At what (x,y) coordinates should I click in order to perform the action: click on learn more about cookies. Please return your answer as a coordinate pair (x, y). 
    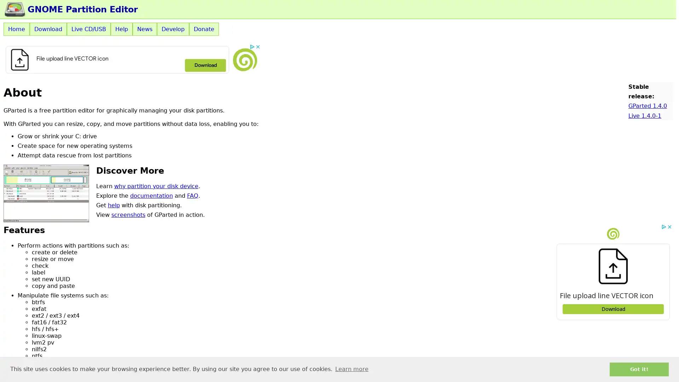
    Looking at the image, I should click on (352, 369).